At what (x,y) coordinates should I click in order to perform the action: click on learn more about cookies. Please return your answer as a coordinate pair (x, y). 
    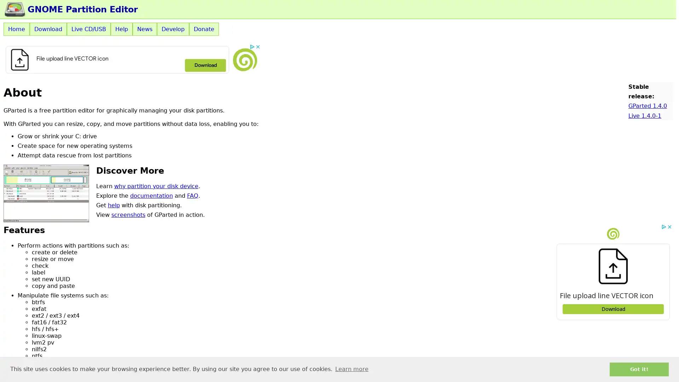
    Looking at the image, I should click on (352, 369).